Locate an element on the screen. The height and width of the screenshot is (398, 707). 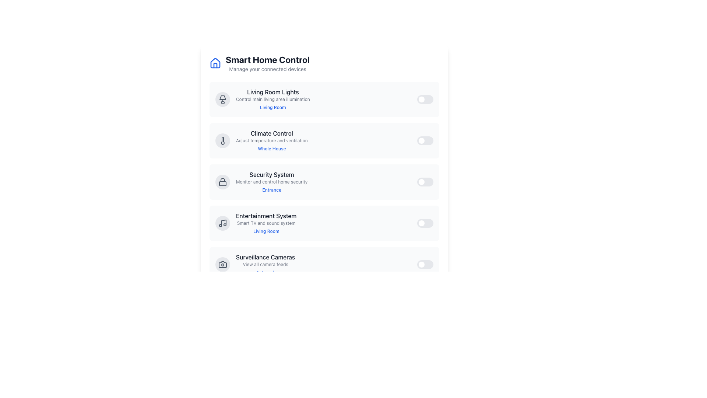
the informational text element that provides additional information about the 'Climate Control' functionality, located below the 'Climate Control' text and above the 'Whole House' text is located at coordinates (271, 140).